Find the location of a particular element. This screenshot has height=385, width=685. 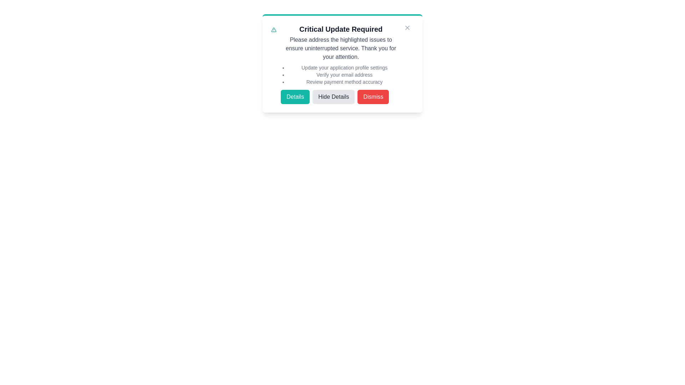

text items in the list displayed in a disc-styled bullet format, located centrally within the popup box under the heading 'Critical Update Required' is located at coordinates (344, 75).